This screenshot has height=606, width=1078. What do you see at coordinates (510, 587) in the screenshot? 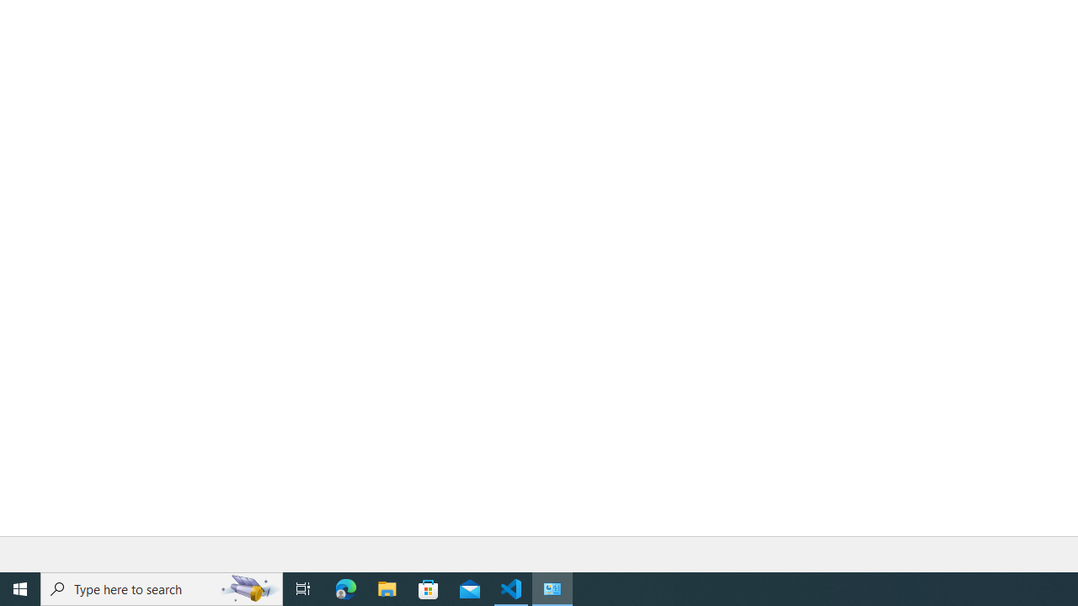
I see `'Visual Studio Code - 1 running window'` at bounding box center [510, 587].